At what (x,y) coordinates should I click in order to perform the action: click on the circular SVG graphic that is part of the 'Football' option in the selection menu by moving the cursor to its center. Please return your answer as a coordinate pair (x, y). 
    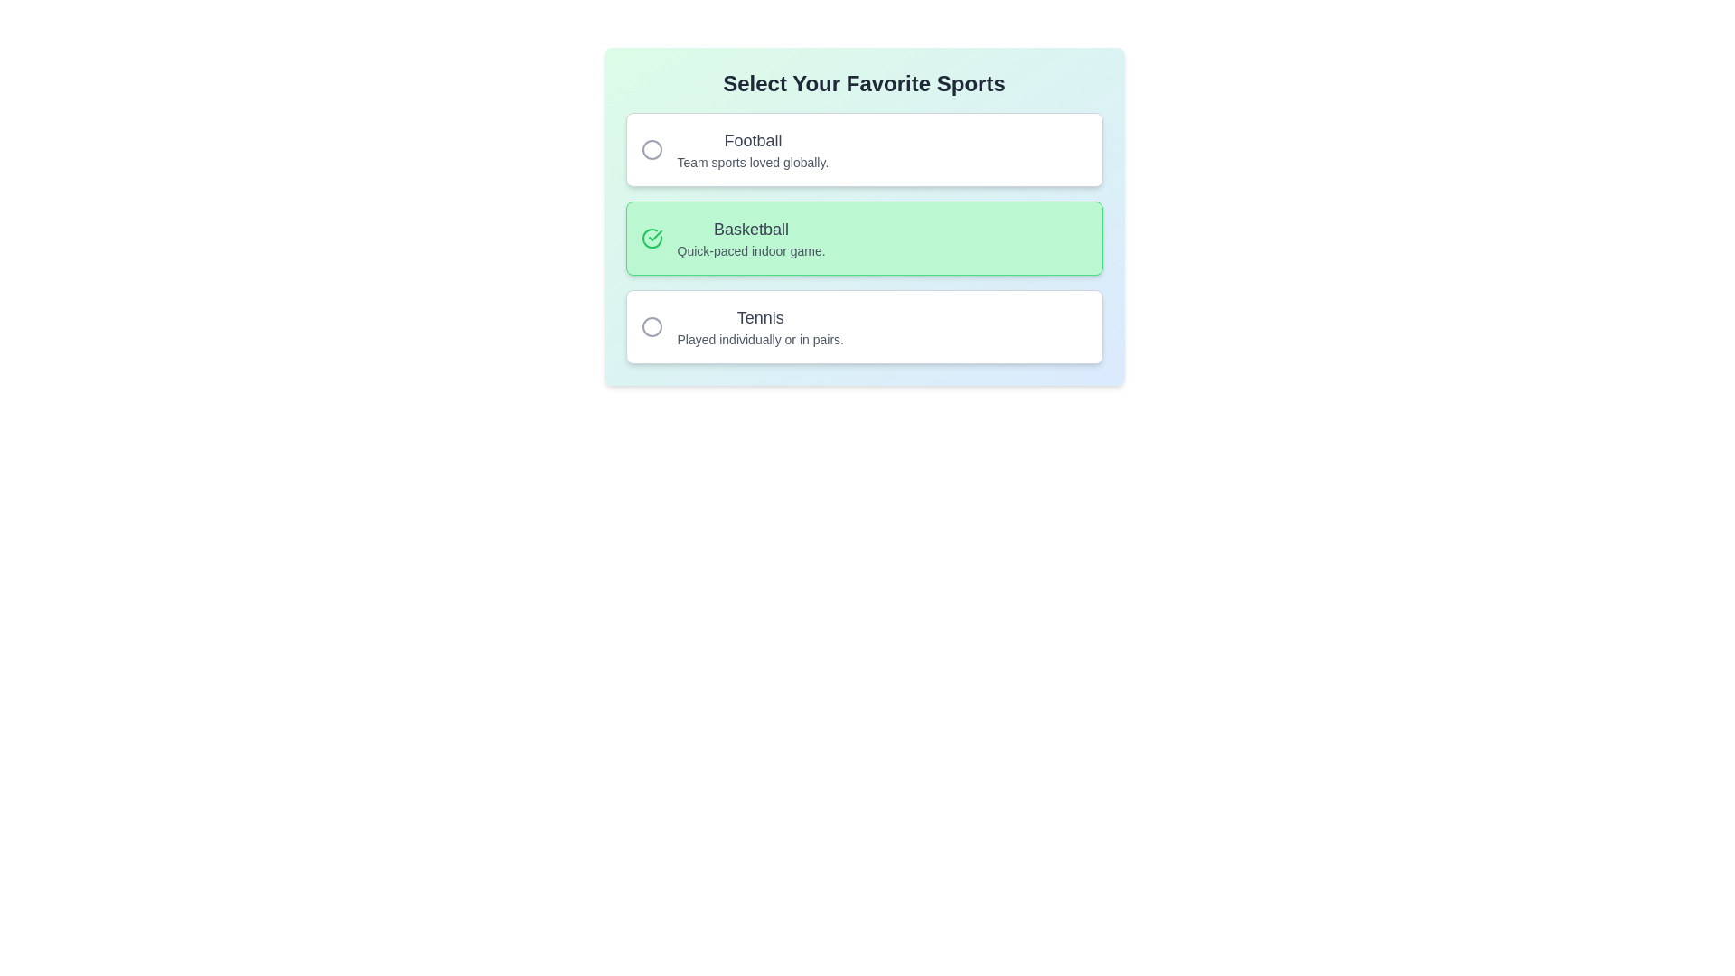
    Looking at the image, I should click on (651, 148).